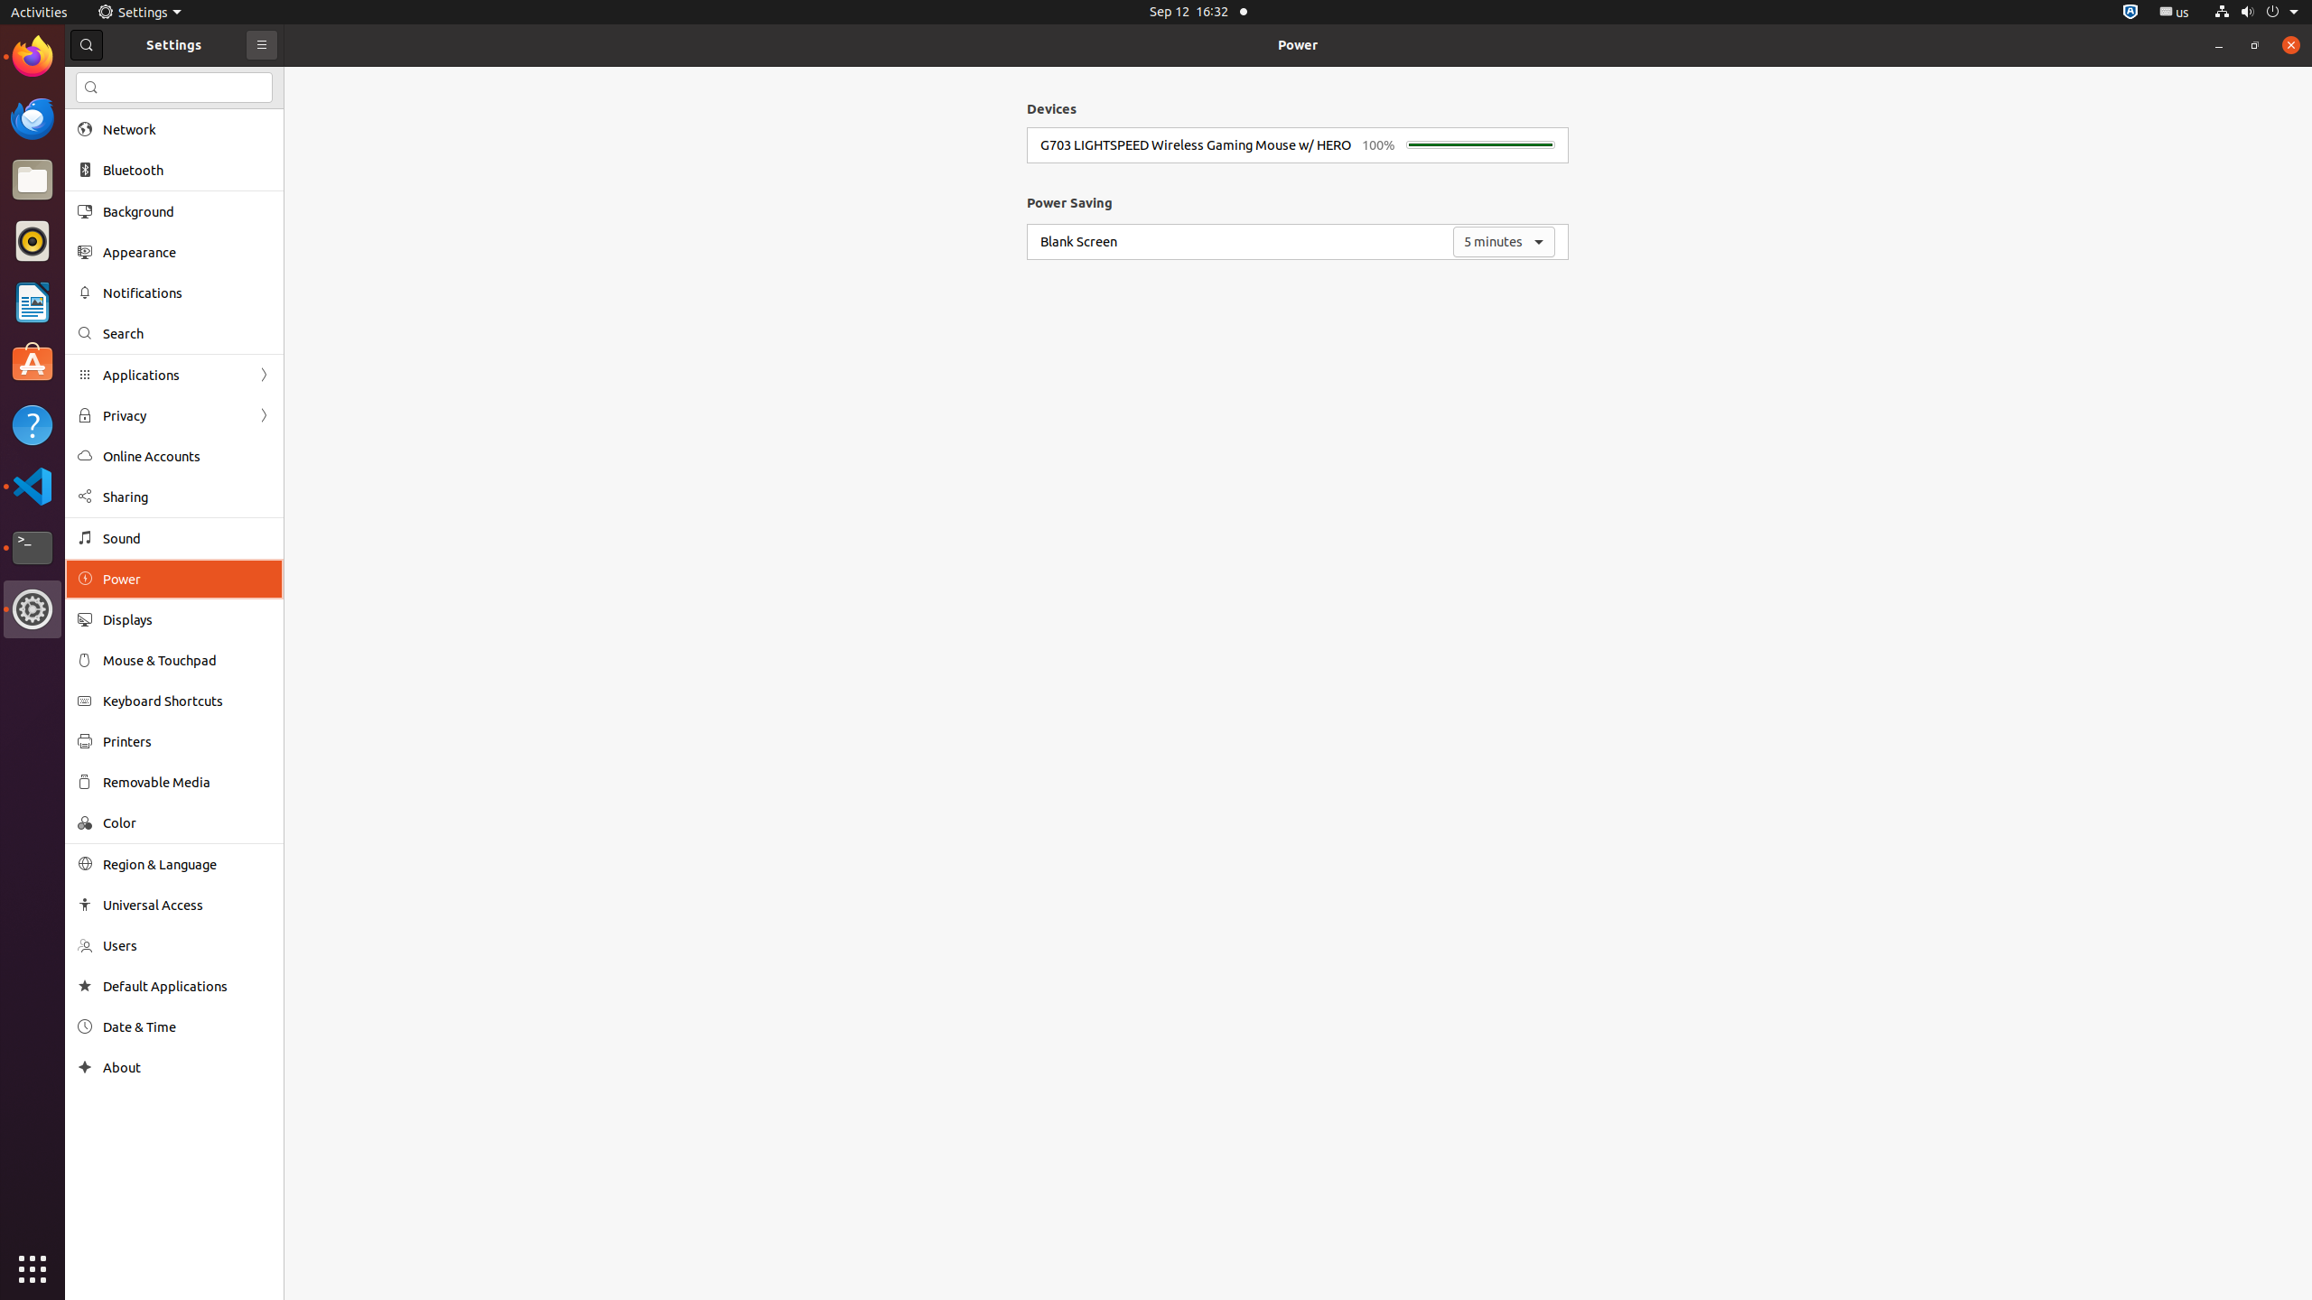 Image resolution: width=2312 pixels, height=1300 pixels. I want to click on 'About', so click(84, 1067).